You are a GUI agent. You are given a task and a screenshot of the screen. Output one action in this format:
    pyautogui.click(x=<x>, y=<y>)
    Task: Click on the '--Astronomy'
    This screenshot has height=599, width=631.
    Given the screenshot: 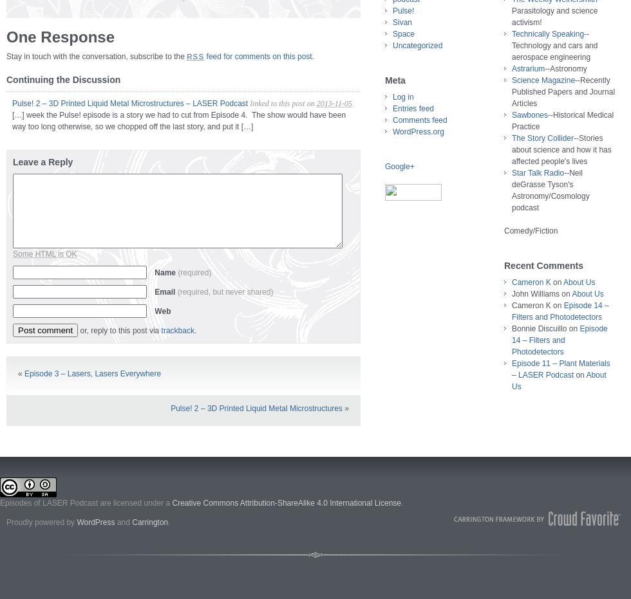 What is the action you would take?
    pyautogui.click(x=565, y=68)
    